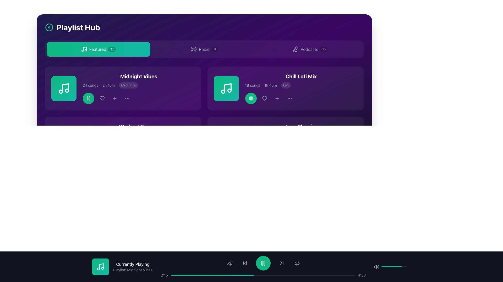 The image size is (503, 282). What do you see at coordinates (229, 263) in the screenshot?
I see `the shuffle button located at the bottom center of the application interface, which is the second button from the left in a horizontal series of control icons` at bounding box center [229, 263].